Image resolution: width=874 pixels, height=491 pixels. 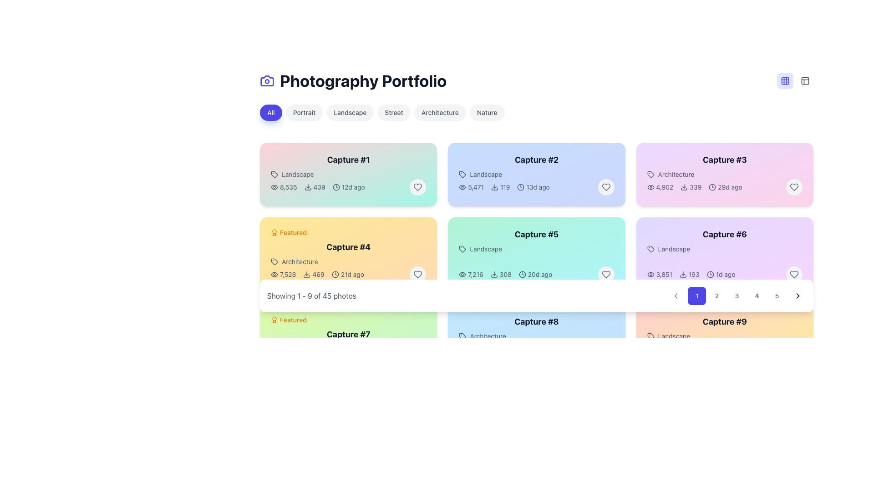 What do you see at coordinates (660, 274) in the screenshot?
I see `the view count display element with the eye icon associated with 'Capture #6', located in the second row and third column of the grid` at bounding box center [660, 274].